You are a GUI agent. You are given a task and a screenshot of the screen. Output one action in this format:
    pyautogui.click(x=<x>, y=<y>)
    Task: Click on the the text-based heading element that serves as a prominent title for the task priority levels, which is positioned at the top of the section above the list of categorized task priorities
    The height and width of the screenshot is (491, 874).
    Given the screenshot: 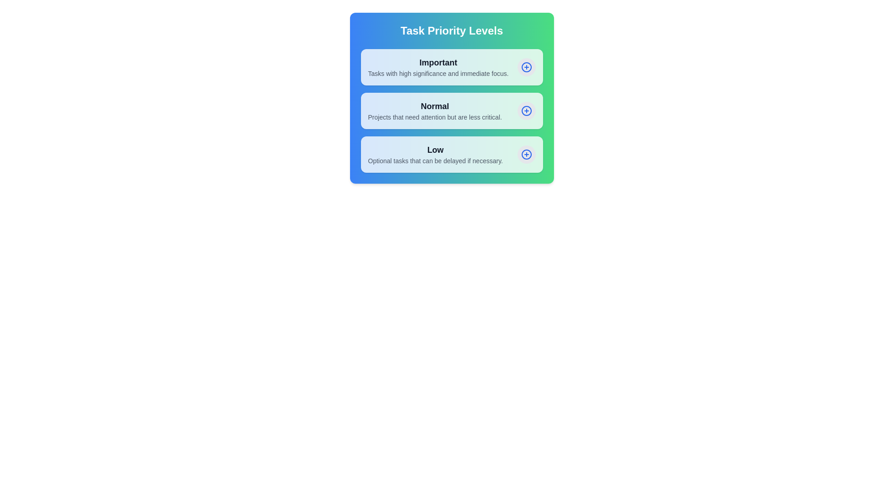 What is the action you would take?
    pyautogui.click(x=452, y=30)
    